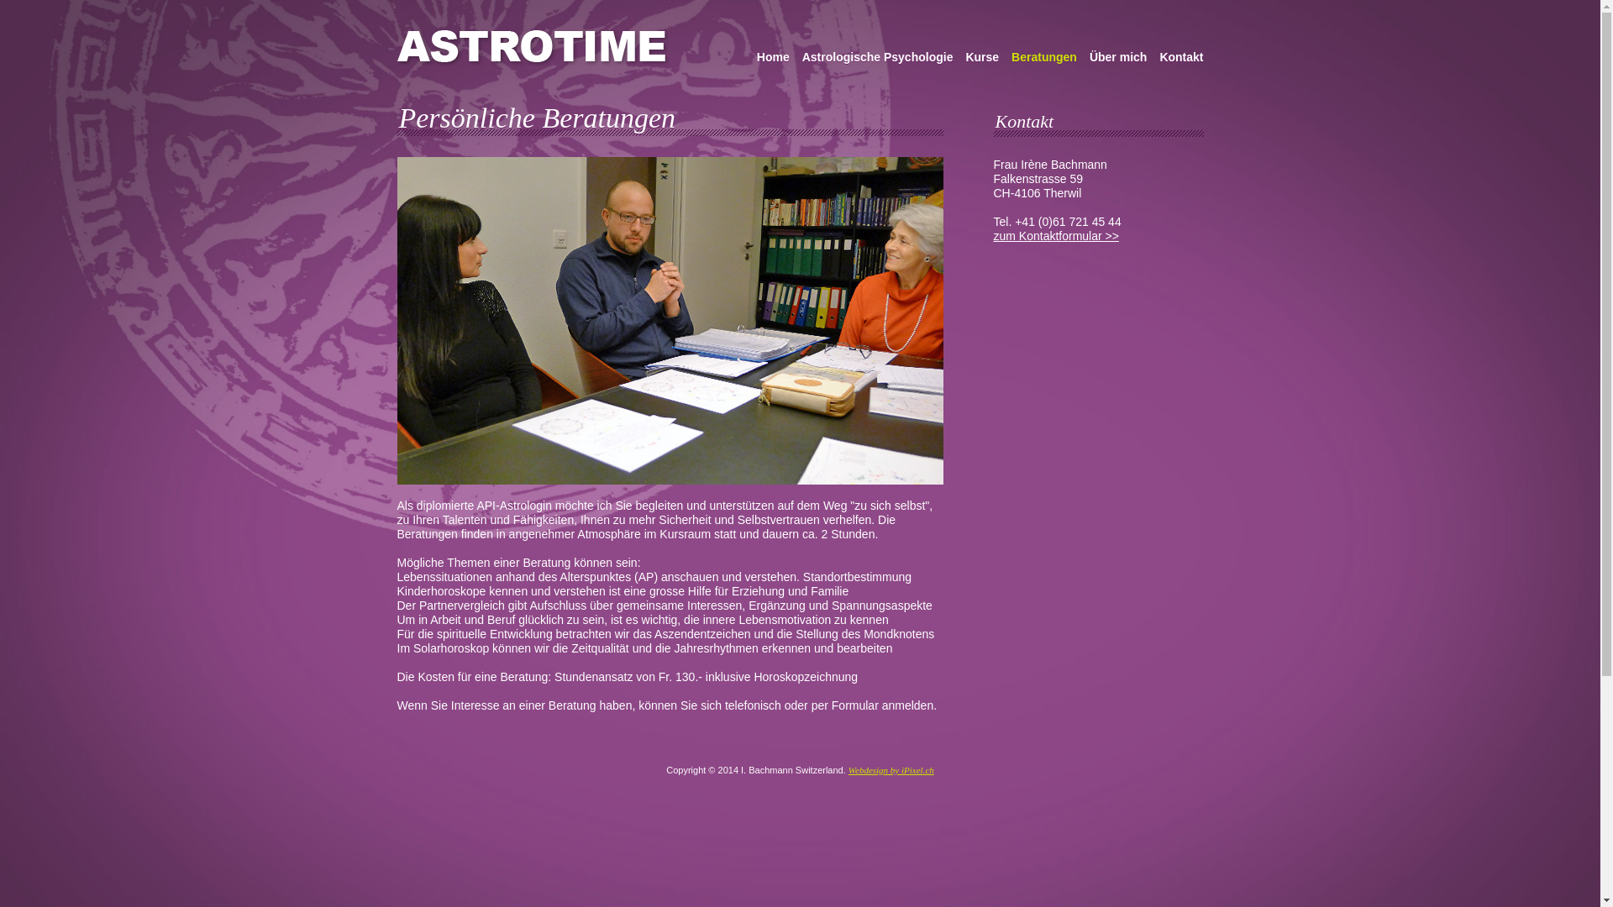 This screenshot has height=907, width=1613. What do you see at coordinates (890, 770) in the screenshot?
I see `'Webdesign by iPixel.ch'` at bounding box center [890, 770].